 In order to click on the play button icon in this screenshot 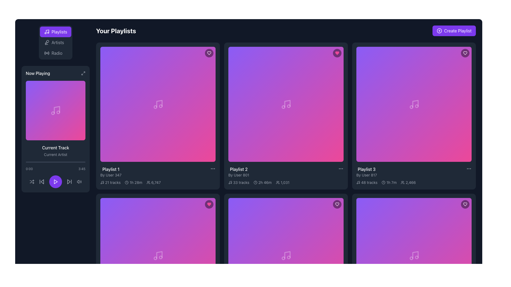, I will do `click(56, 181)`.